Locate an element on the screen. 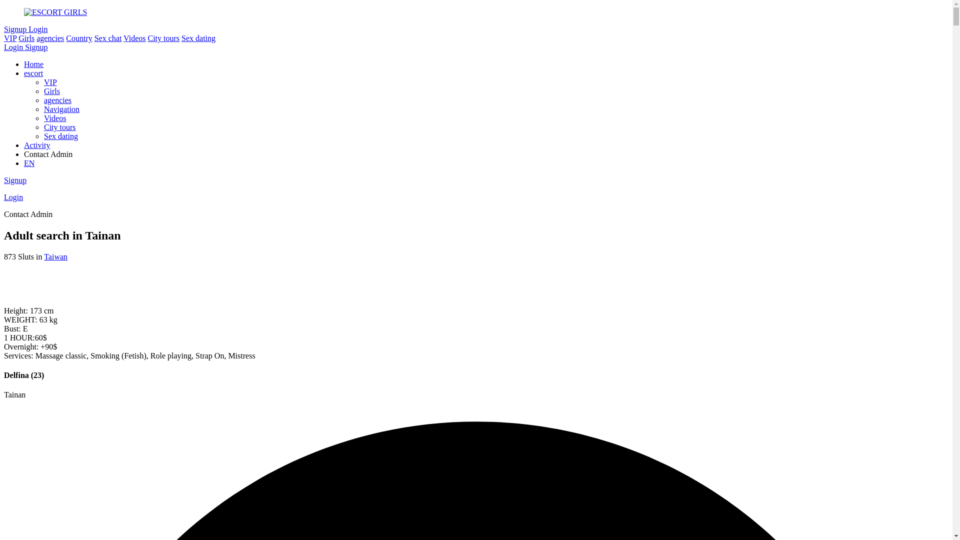 Image resolution: width=960 pixels, height=540 pixels. 'Navigation' is located at coordinates (43, 109).